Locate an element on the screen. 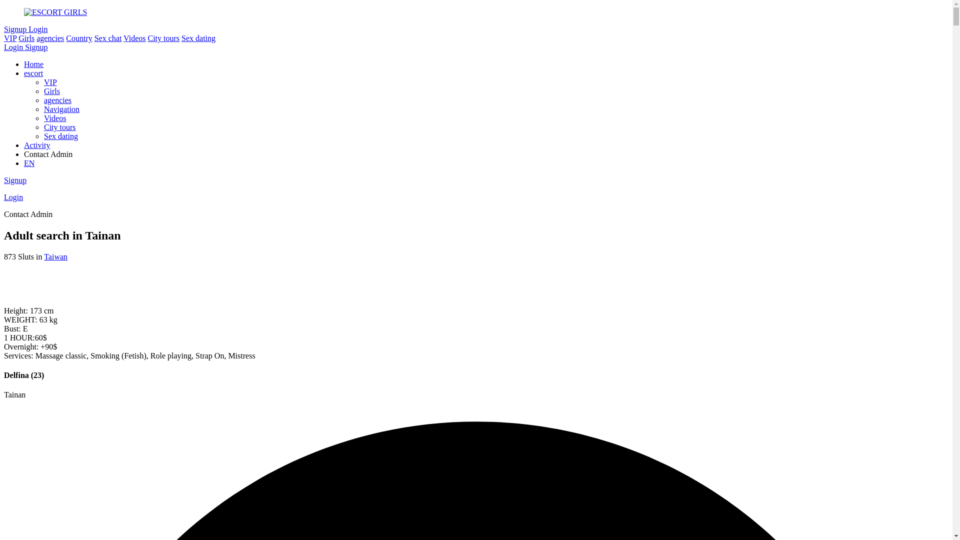 Image resolution: width=960 pixels, height=540 pixels. 'Navigation' is located at coordinates (43, 109).